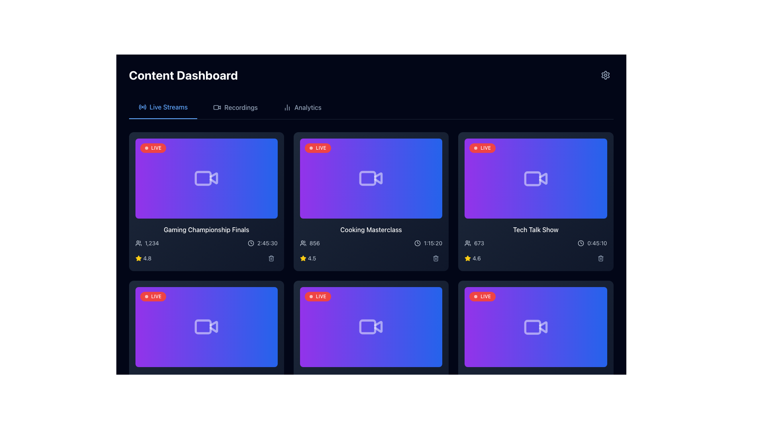 Image resolution: width=765 pixels, height=430 pixels. Describe the element at coordinates (302, 258) in the screenshot. I see `the star icon that represents a rating, located to the left of the text '4.5' in the second column below the 'Cooking Masterclass' card` at that location.